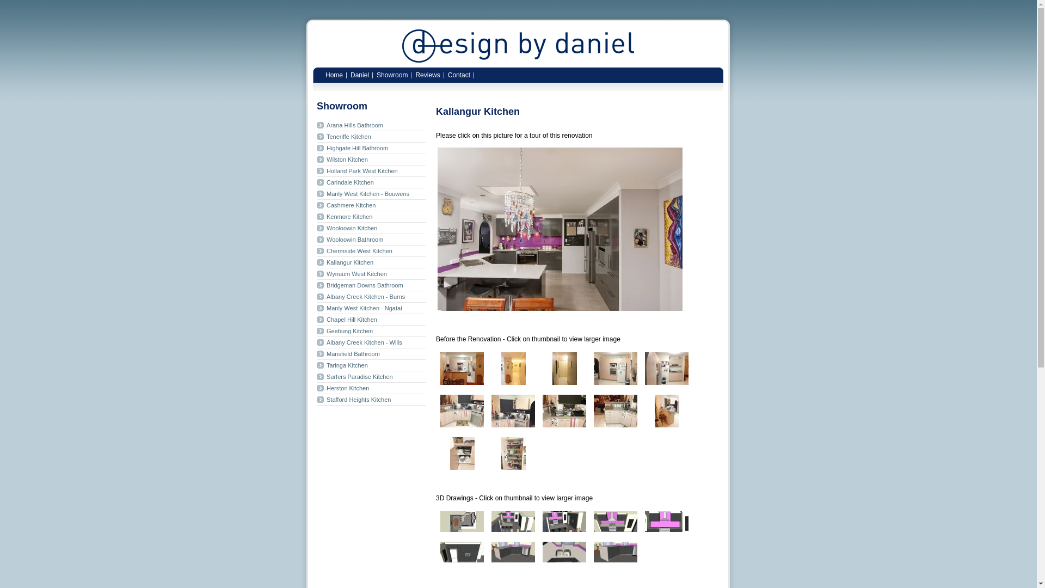 Image resolution: width=1045 pixels, height=588 pixels. I want to click on 'Arana Hills Bathroom', so click(371, 125).